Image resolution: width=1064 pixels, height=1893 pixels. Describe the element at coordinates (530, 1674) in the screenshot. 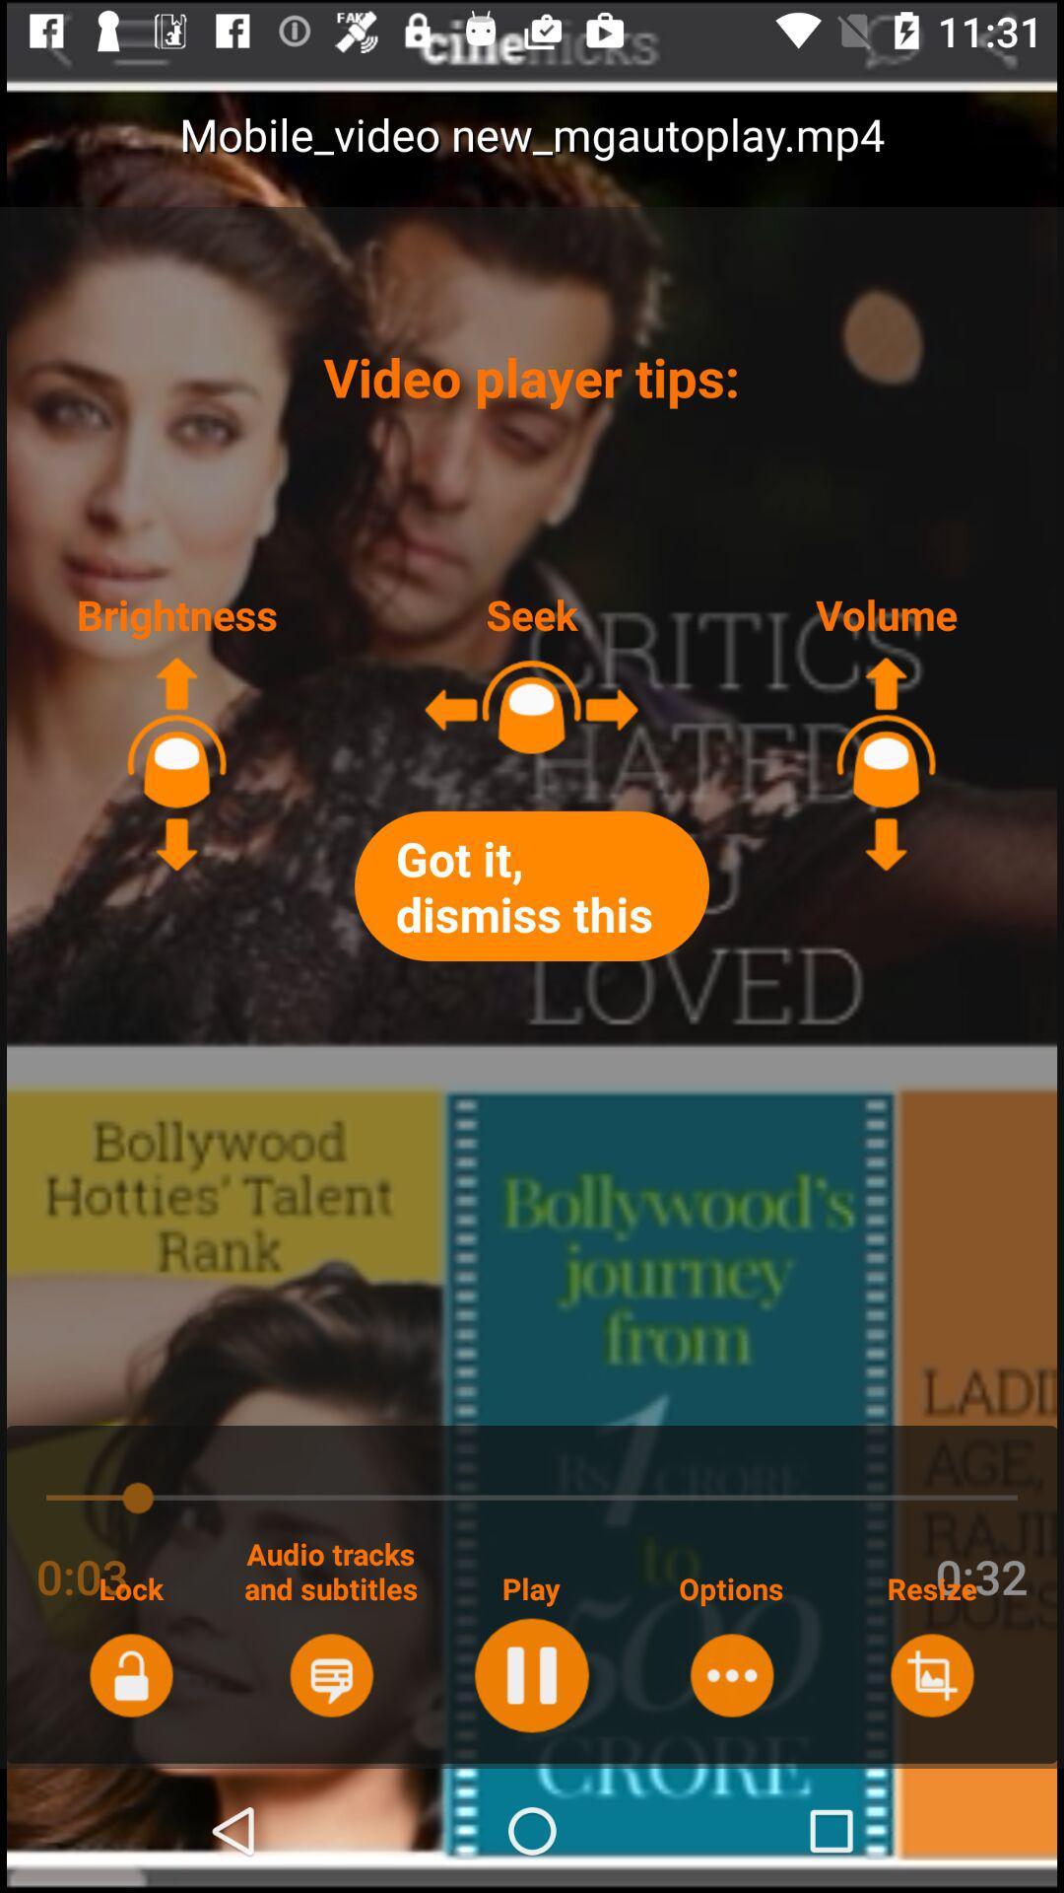

I see `pause/play` at that location.